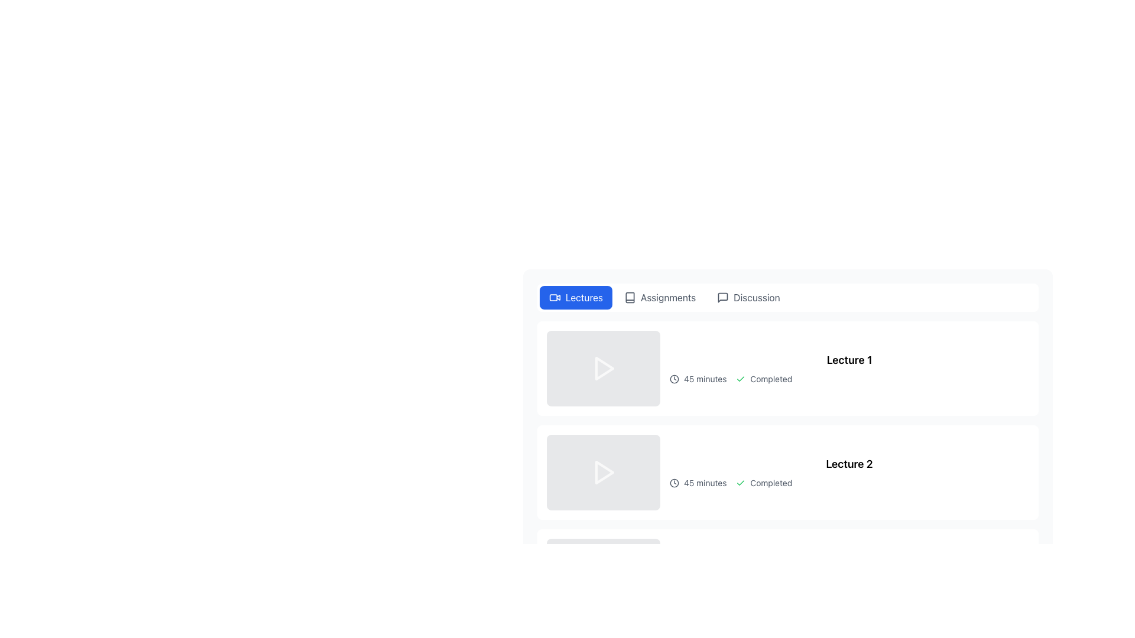 The width and height of the screenshot is (1135, 638). What do you see at coordinates (788, 297) in the screenshot?
I see `the Navigation Bar` at bounding box center [788, 297].